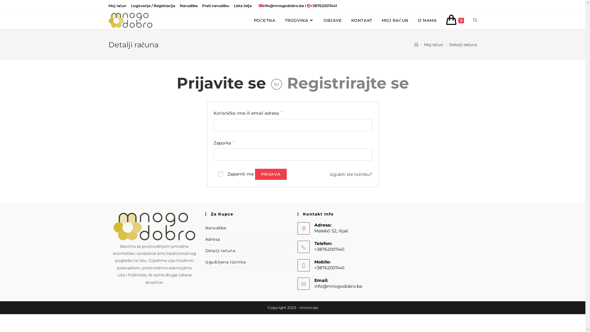  What do you see at coordinates (153, 6) in the screenshot?
I see `'Logovanje / Registracija'` at bounding box center [153, 6].